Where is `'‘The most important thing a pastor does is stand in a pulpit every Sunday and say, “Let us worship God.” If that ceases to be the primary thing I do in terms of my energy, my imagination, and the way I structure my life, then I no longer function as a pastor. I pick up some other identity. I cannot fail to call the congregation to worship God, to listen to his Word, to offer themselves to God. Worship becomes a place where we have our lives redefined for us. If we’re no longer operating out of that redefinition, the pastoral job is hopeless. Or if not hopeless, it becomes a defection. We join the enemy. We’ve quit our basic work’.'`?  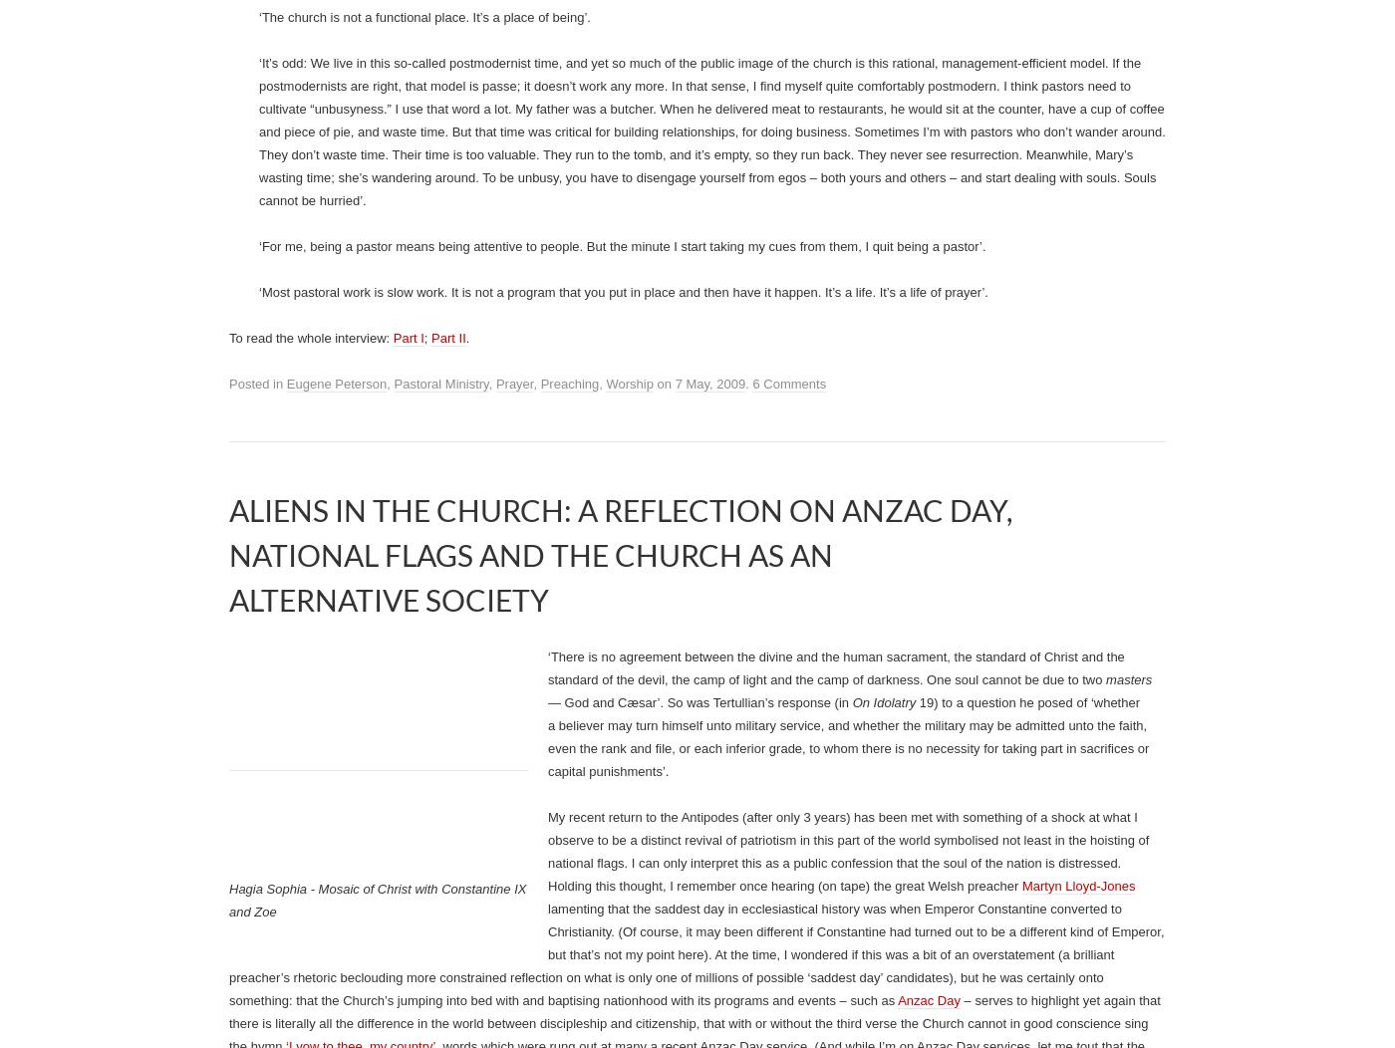 '‘The most important thing a pastor does is stand in a pulpit every Sunday and say, “Let us worship God.” If that ceases to be the primary thing I do in terms of my energy, my imagination, and the way I structure my life, then I no longer function as a pastor. I pick up some other identity. I cannot fail to call the congregation to worship God, to listen to his Word, to offer themselves to God. Worship becomes a place where we have our lives redefined for us. If we’re no longer operating out of that redefinition, the pastoral job is hopeless. Or if not hopeless, it becomes a defection. We join the enemy. We’ve quit our basic work’.' is located at coordinates (818, 82).